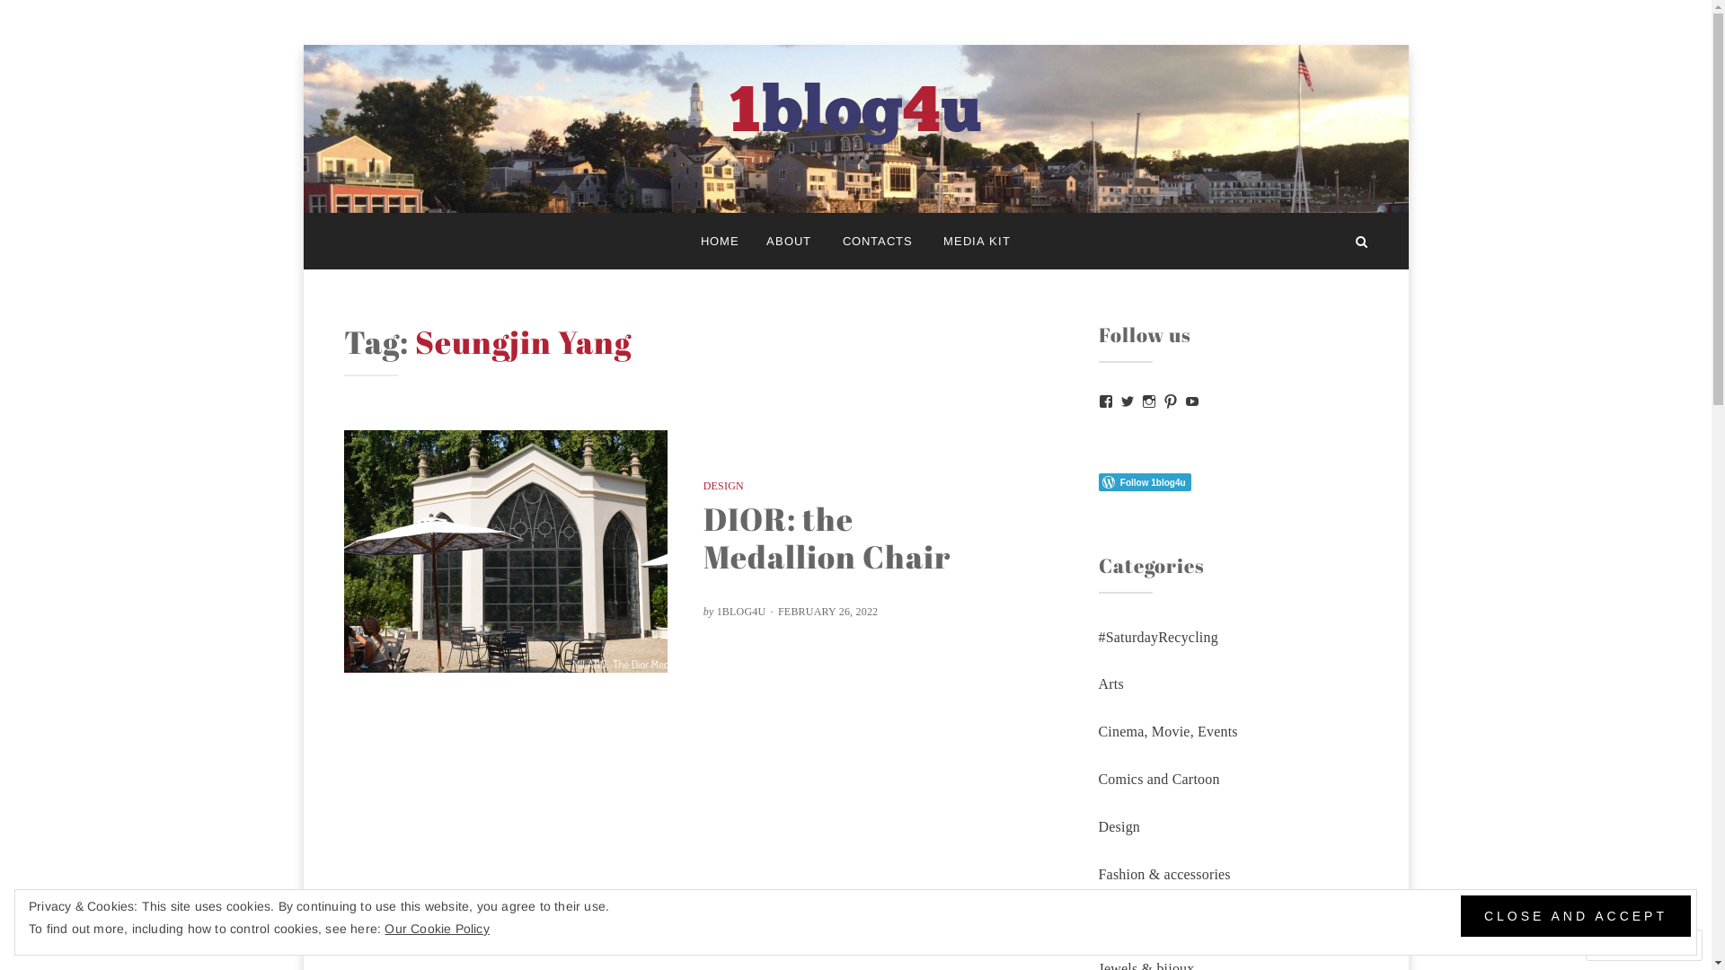 The height and width of the screenshot is (970, 1725). Describe the element at coordinates (753, 240) in the screenshot. I see `'ABOUT'` at that location.